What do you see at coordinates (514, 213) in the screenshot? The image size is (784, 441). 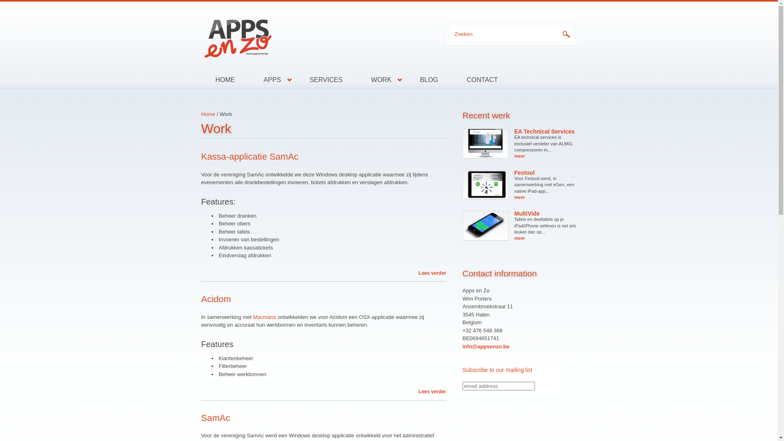 I see `'MultiVide'` at bounding box center [514, 213].